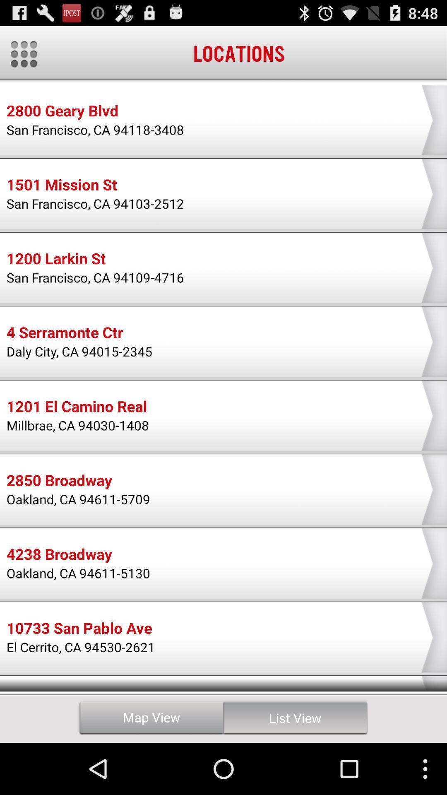 This screenshot has height=795, width=447. Describe the element at coordinates (23, 54) in the screenshot. I see `the app to the left of the locations item` at that location.